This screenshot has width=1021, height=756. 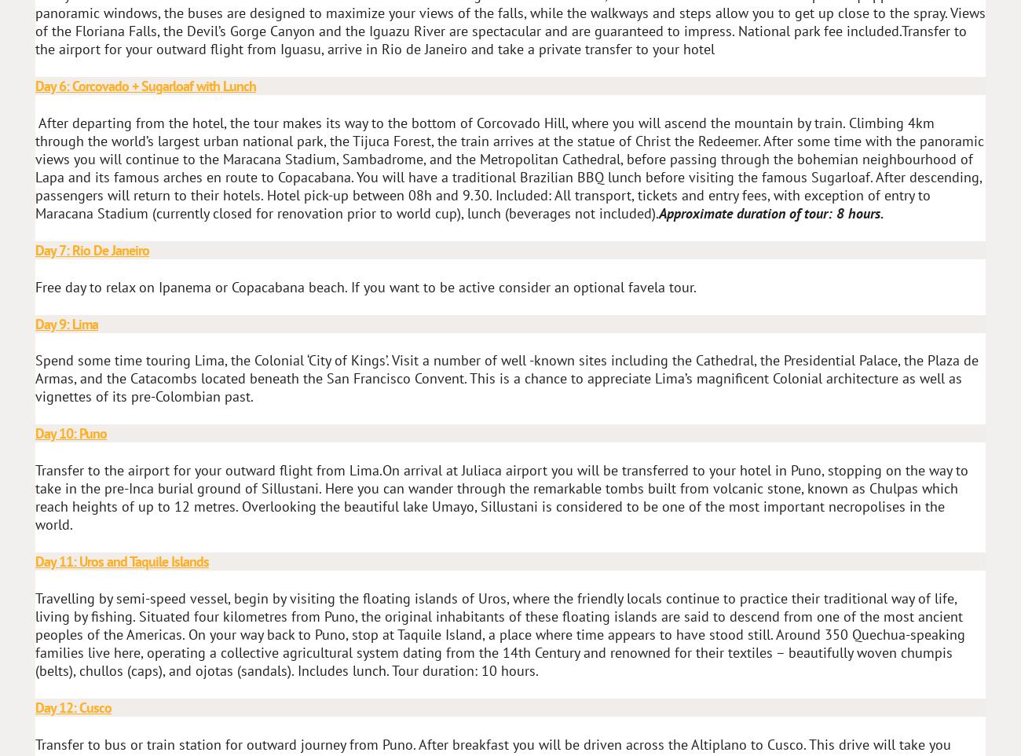 I want to click on 'Day 7: Rio De Janeiro', so click(x=91, y=248).